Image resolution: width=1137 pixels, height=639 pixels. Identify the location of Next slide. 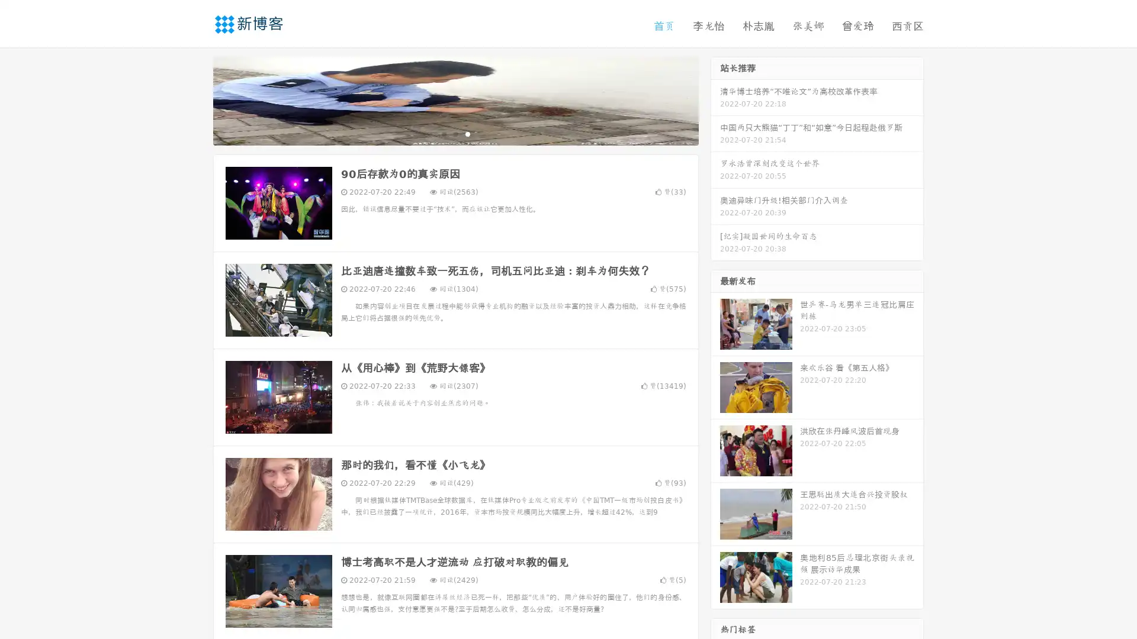
(715, 99).